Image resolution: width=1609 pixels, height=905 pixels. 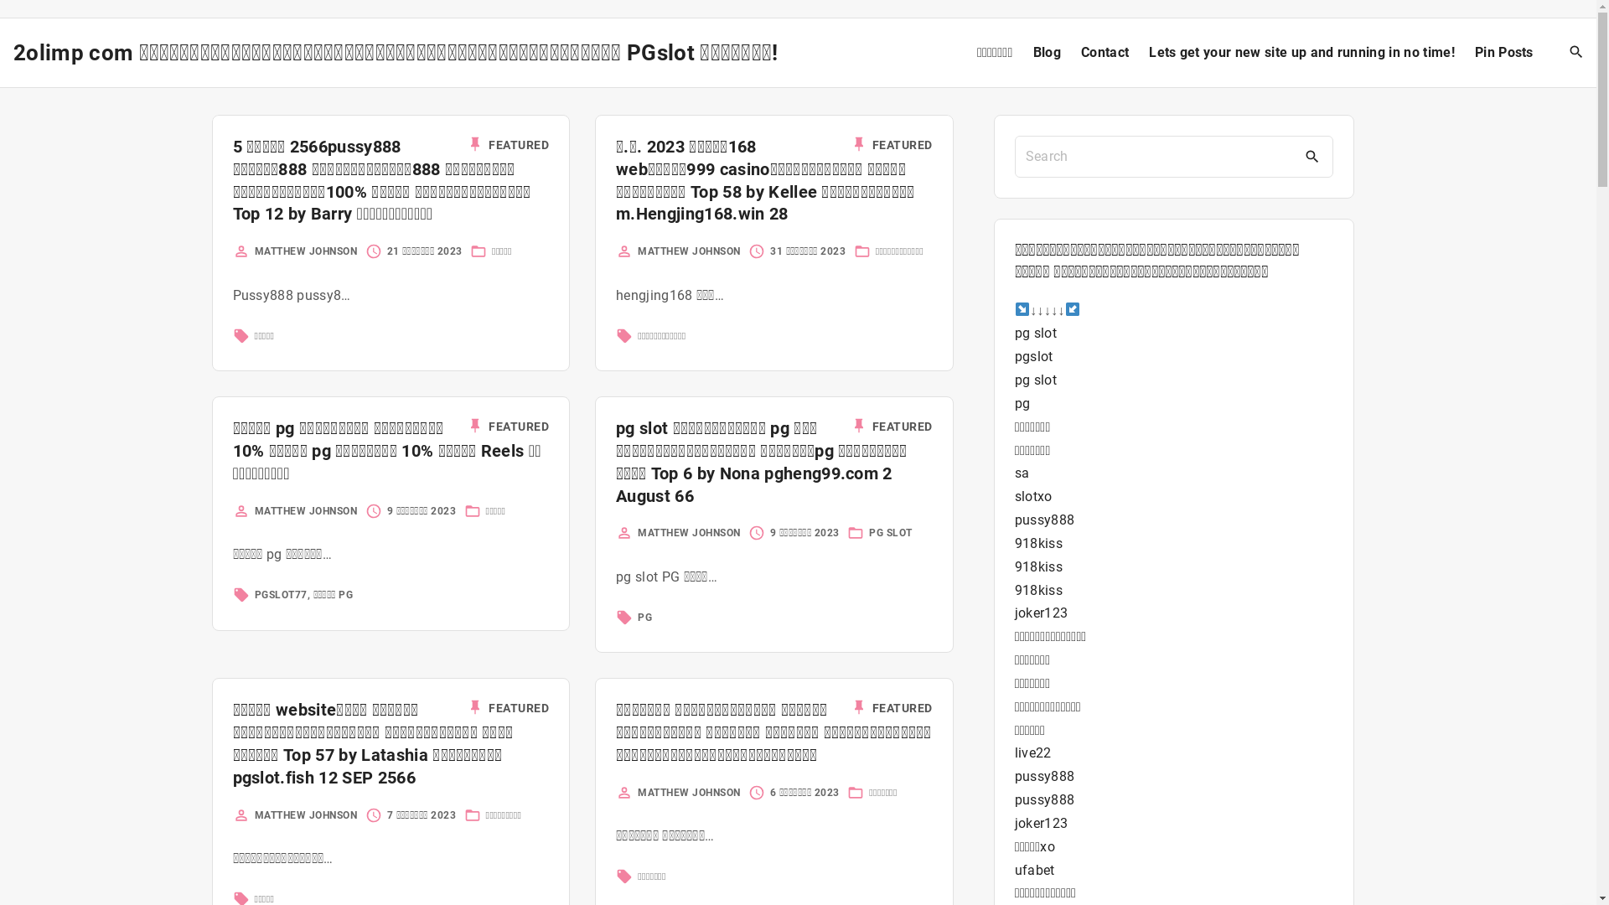 What do you see at coordinates (1032, 495) in the screenshot?
I see `'slotxo'` at bounding box center [1032, 495].